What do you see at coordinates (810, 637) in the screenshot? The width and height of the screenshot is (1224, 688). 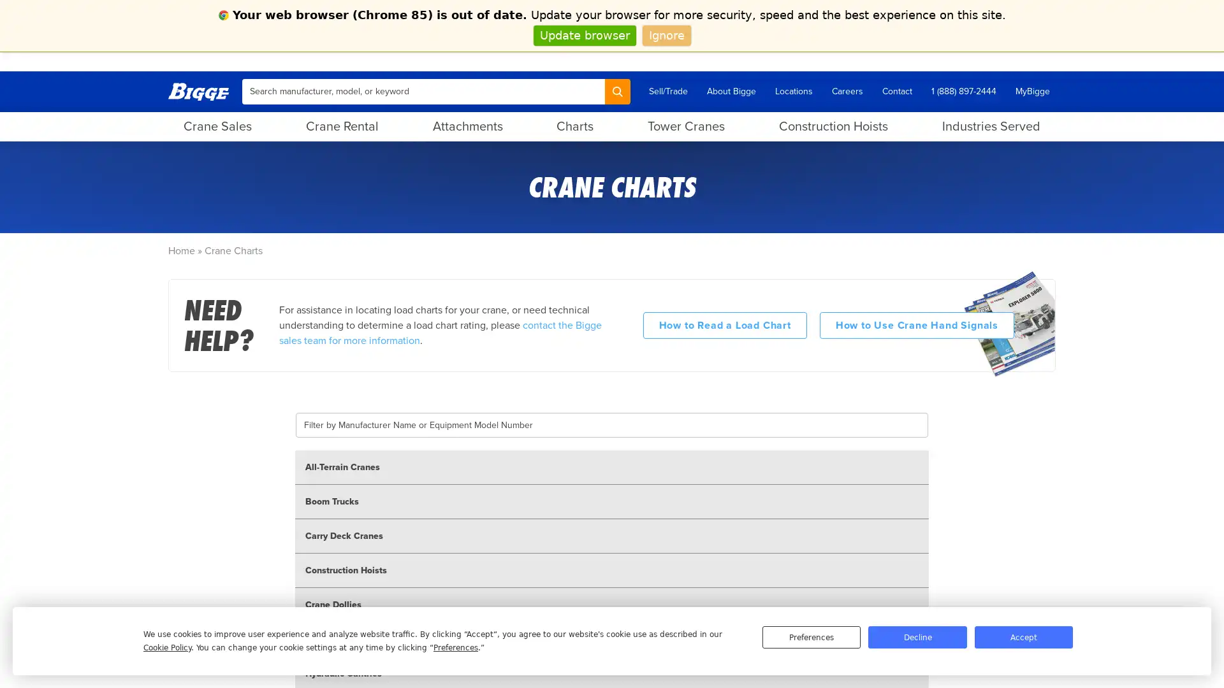 I see `Preferences` at bounding box center [810, 637].